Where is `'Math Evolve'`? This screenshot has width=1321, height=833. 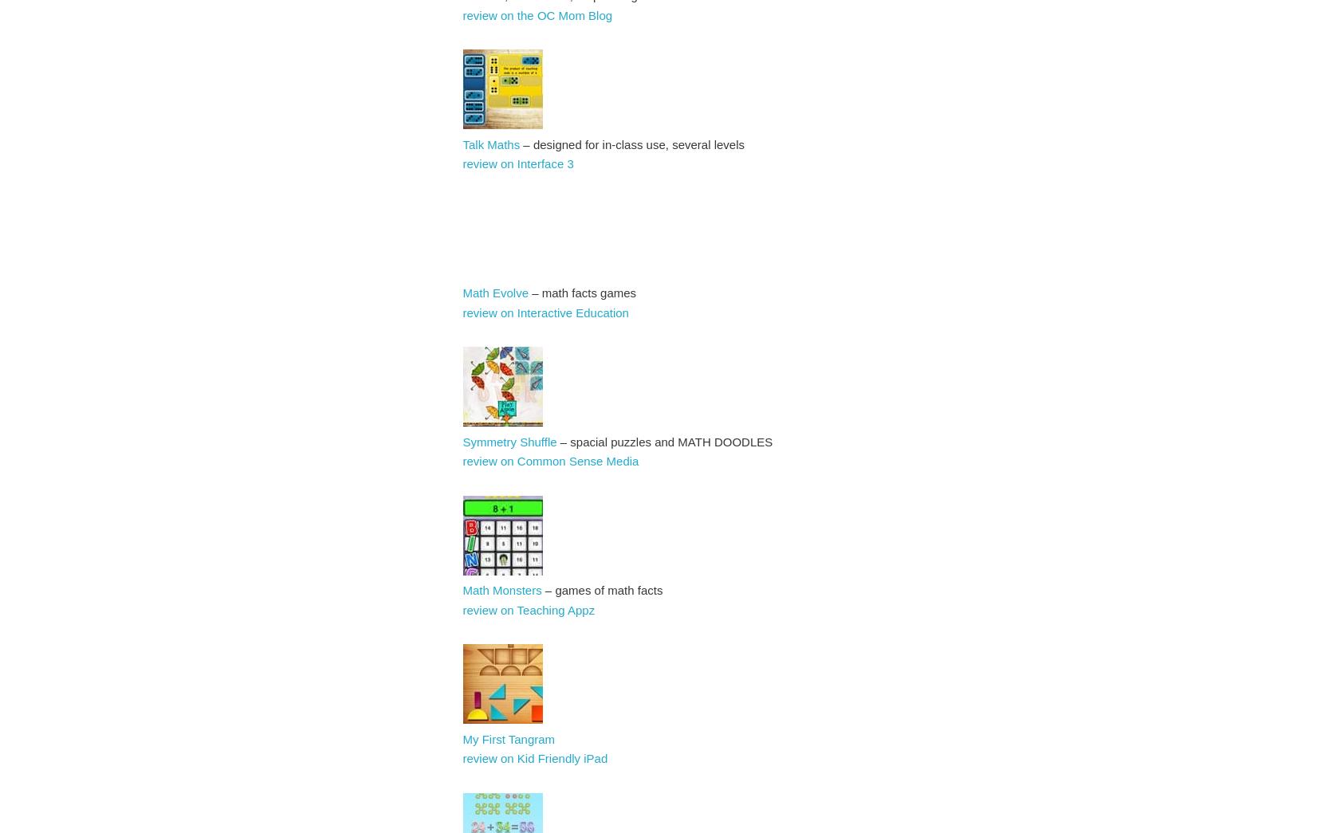 'Math Evolve' is located at coordinates (495, 292).